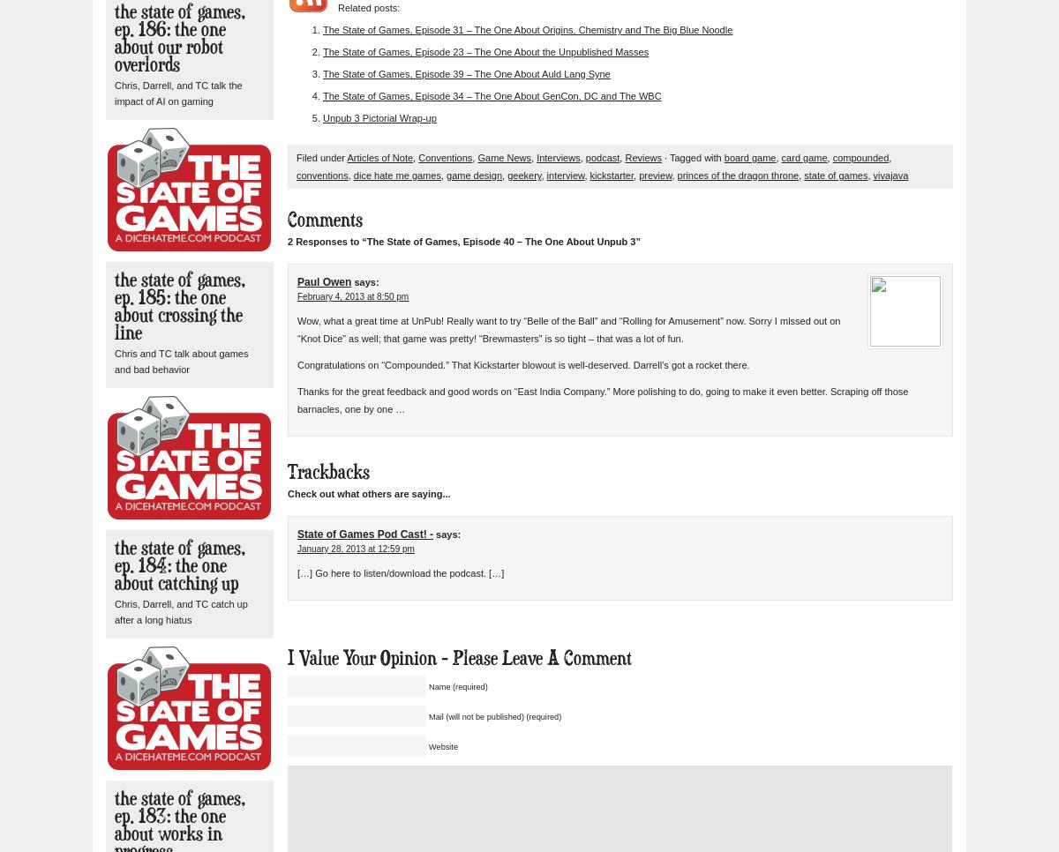  Describe the element at coordinates (114, 93) in the screenshot. I see `'Chris, Darrell, and TC talk the impact of AI on gaming'` at that location.